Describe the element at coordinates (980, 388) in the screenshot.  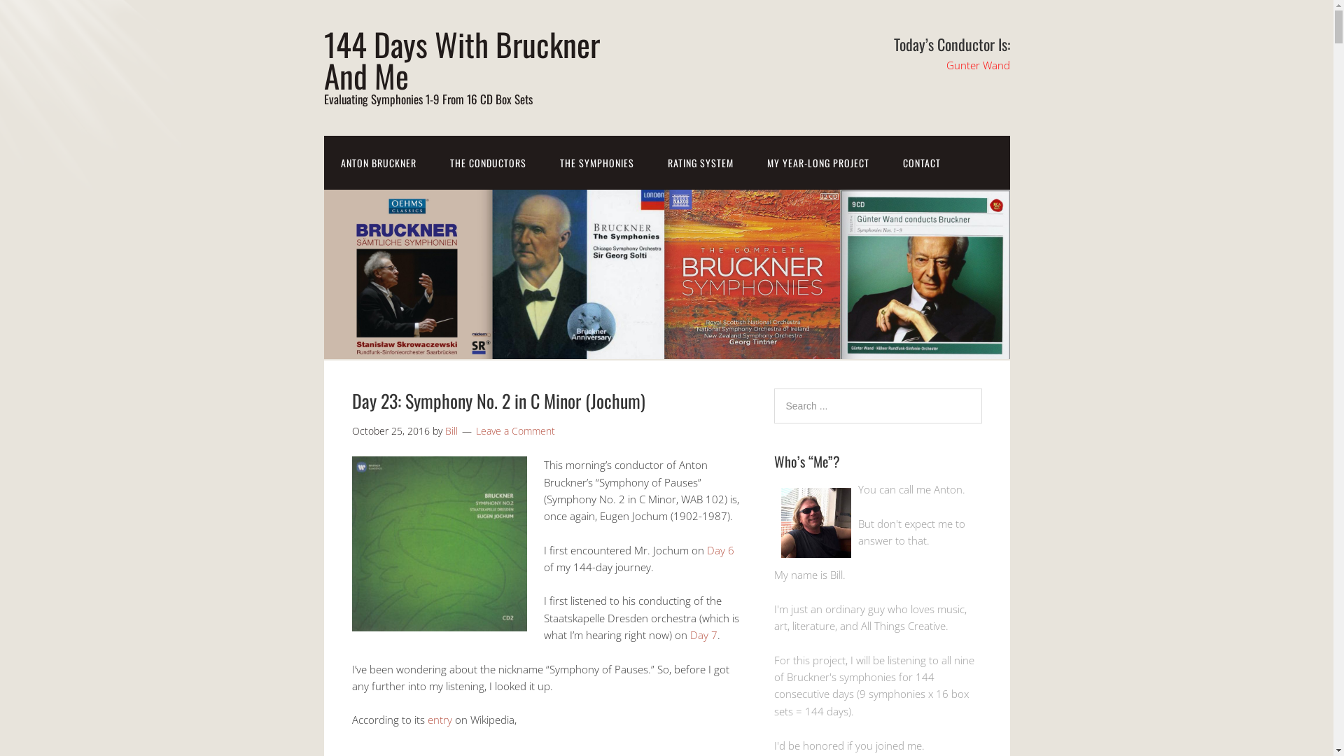
I see `'Search'` at that location.